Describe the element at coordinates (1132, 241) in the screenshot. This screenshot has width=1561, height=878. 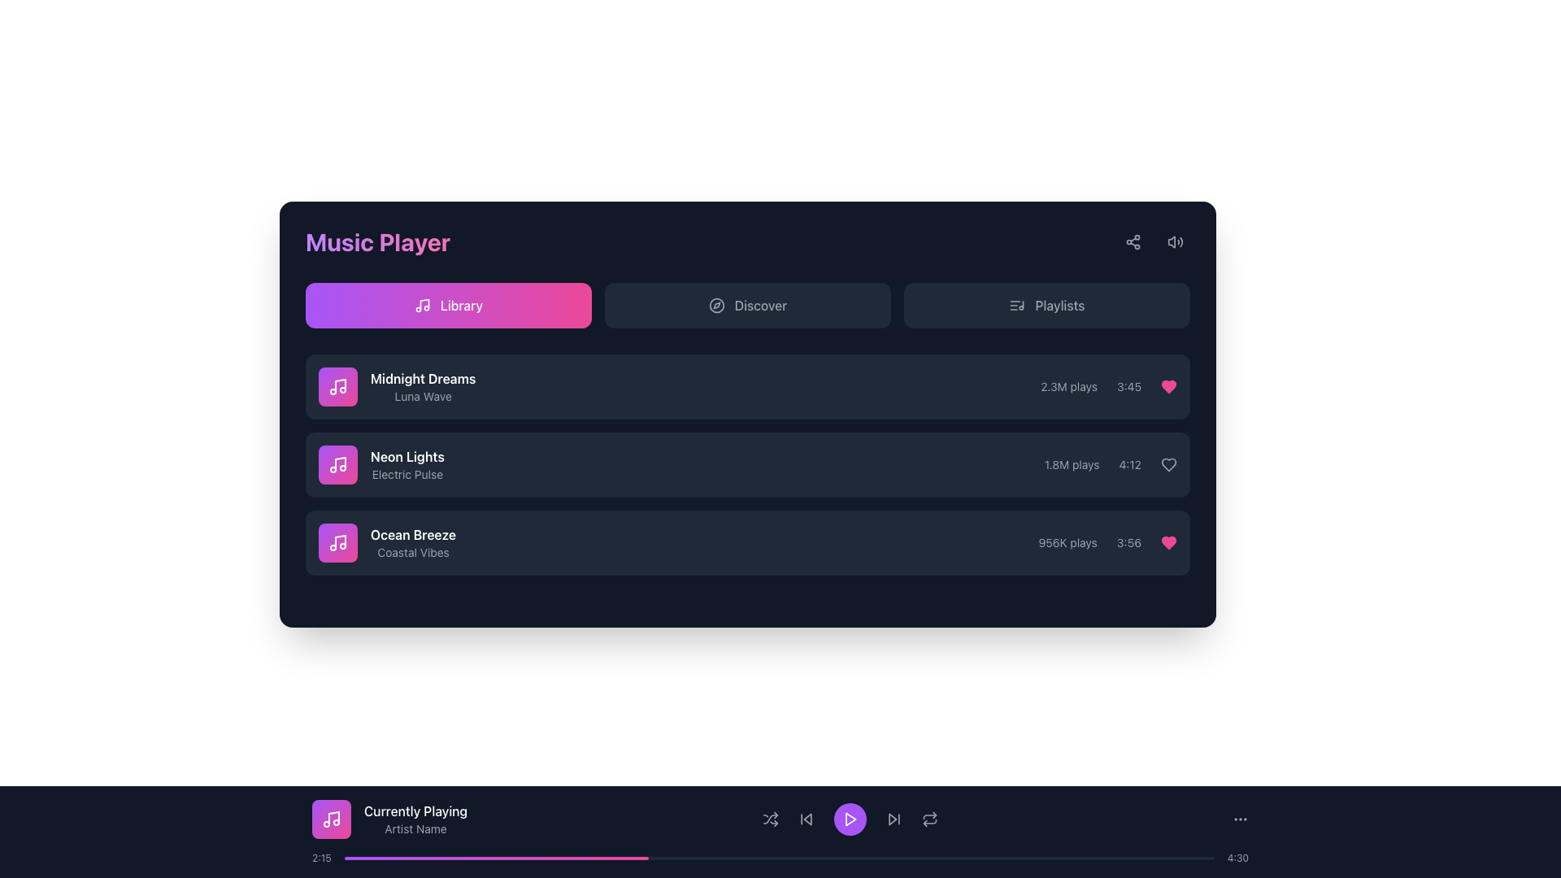
I see `the share button with an SVG-based icon located at the top-right corner` at that location.